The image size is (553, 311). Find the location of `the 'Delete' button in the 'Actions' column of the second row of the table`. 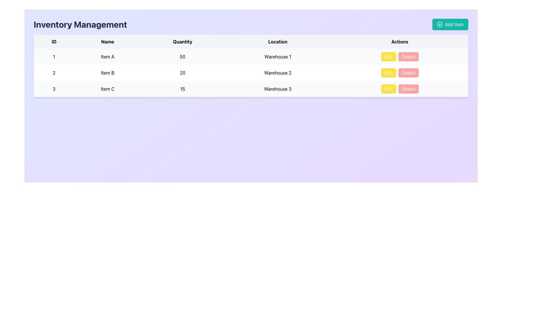

the 'Delete' button in the 'Actions' column of the second row of the table is located at coordinates (408, 73).